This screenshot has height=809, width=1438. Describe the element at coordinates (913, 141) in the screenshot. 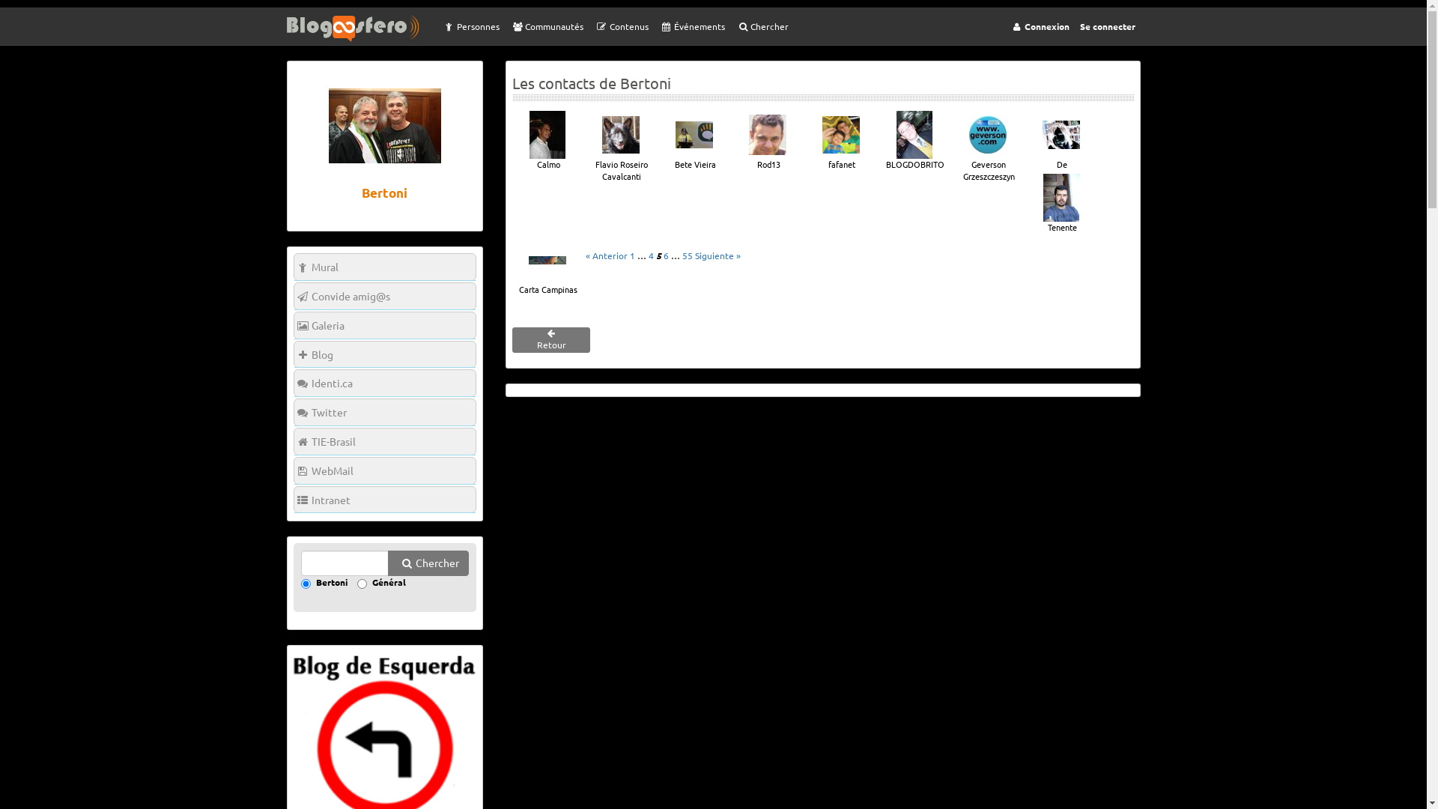

I see `'BLOGDOBRITO'` at that location.